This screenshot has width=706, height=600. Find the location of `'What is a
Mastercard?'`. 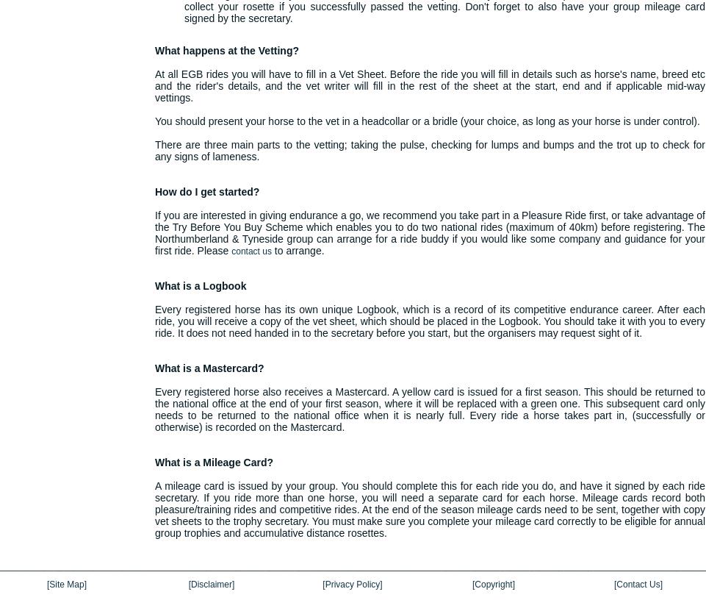

'What is a
Mastercard?' is located at coordinates (209, 368).